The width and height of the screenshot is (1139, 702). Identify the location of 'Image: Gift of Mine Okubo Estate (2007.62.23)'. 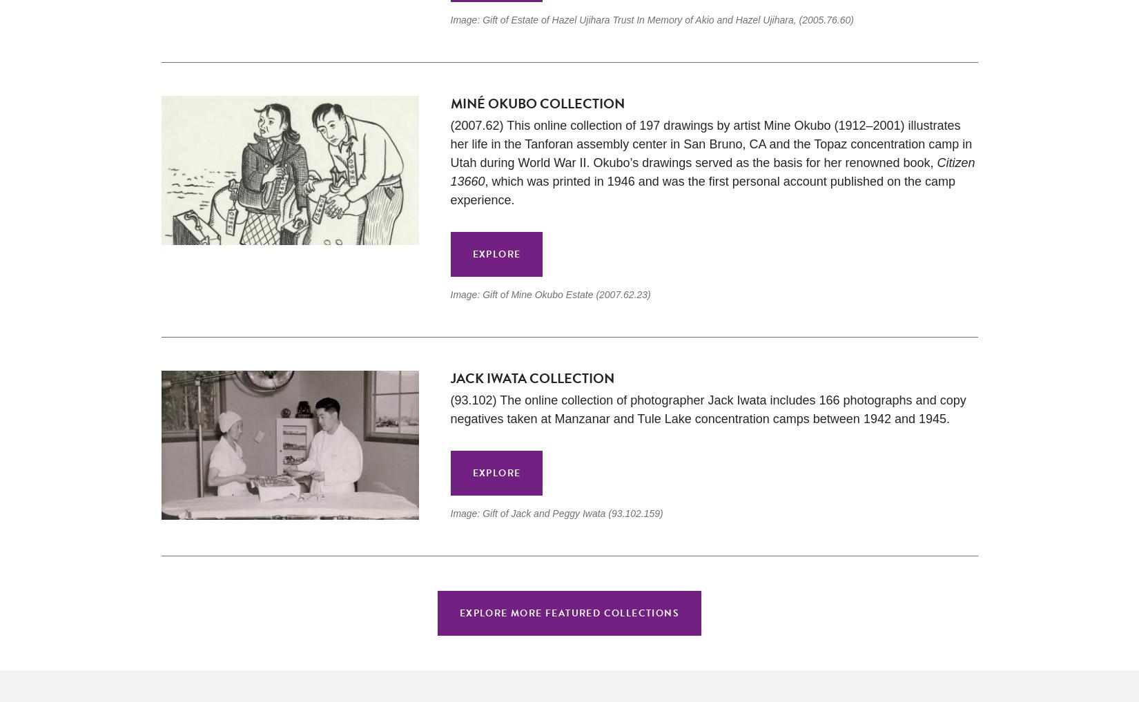
(549, 295).